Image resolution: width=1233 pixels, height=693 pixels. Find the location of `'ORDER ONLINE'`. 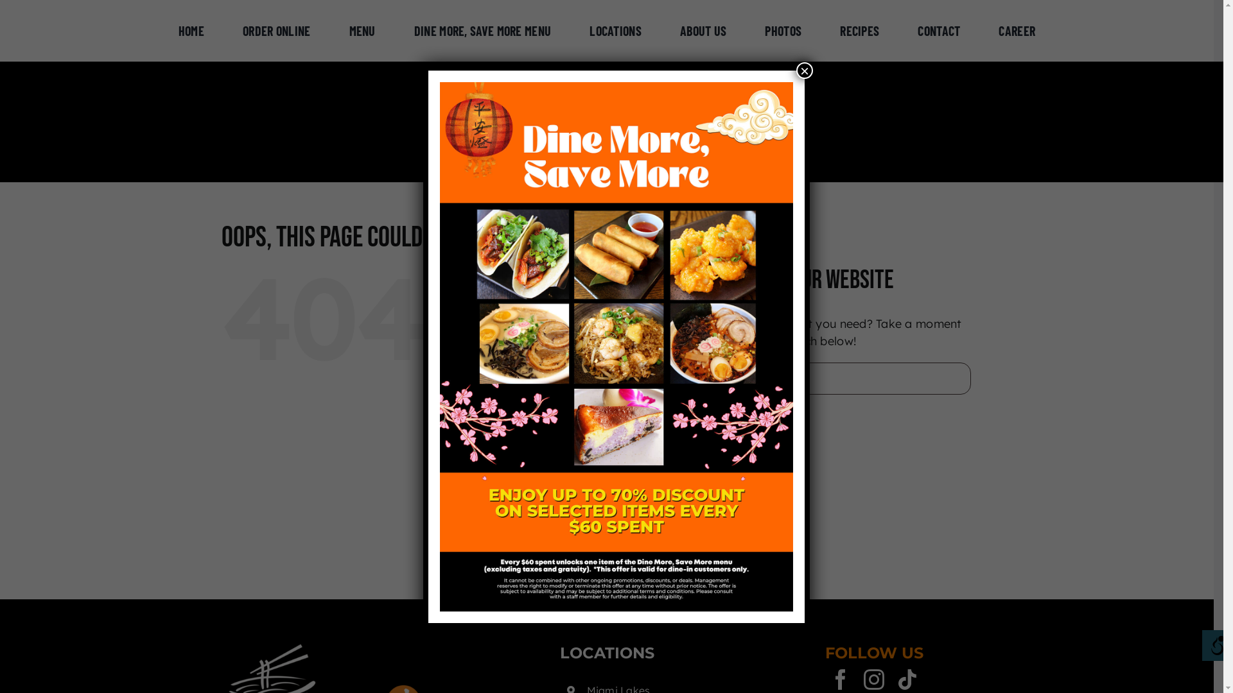

'ORDER ONLINE' is located at coordinates (276, 30).